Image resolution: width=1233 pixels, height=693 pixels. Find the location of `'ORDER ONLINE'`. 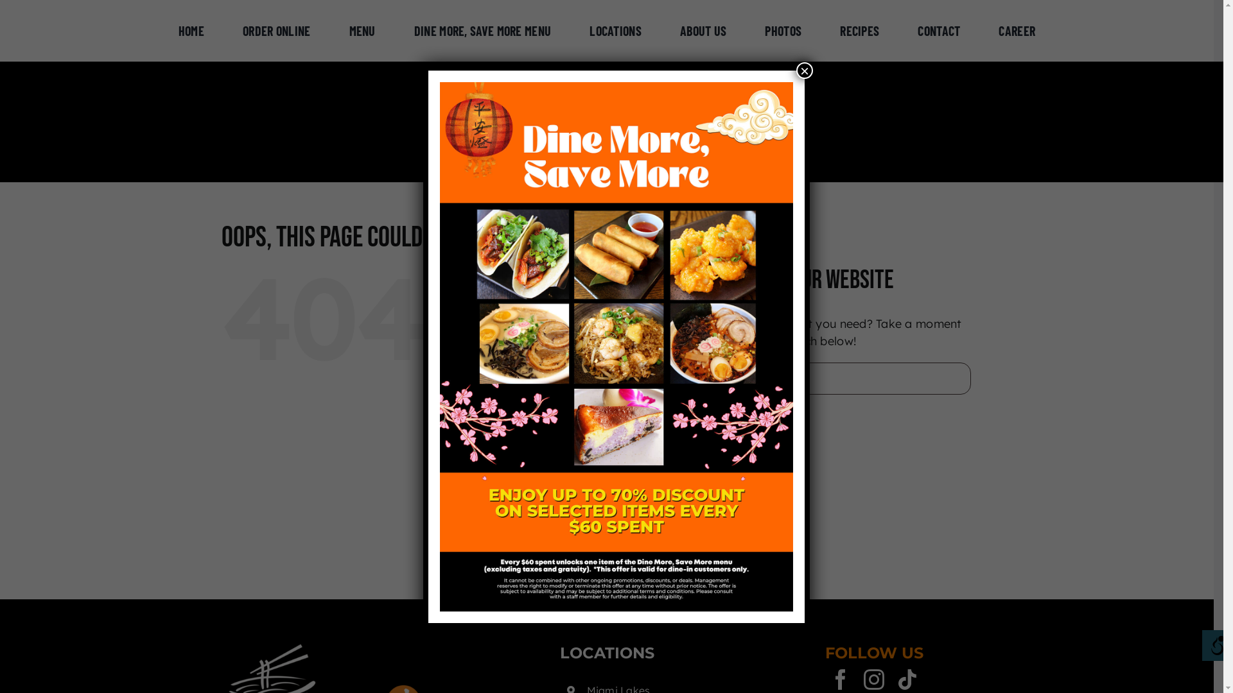

'ORDER ONLINE' is located at coordinates (276, 30).